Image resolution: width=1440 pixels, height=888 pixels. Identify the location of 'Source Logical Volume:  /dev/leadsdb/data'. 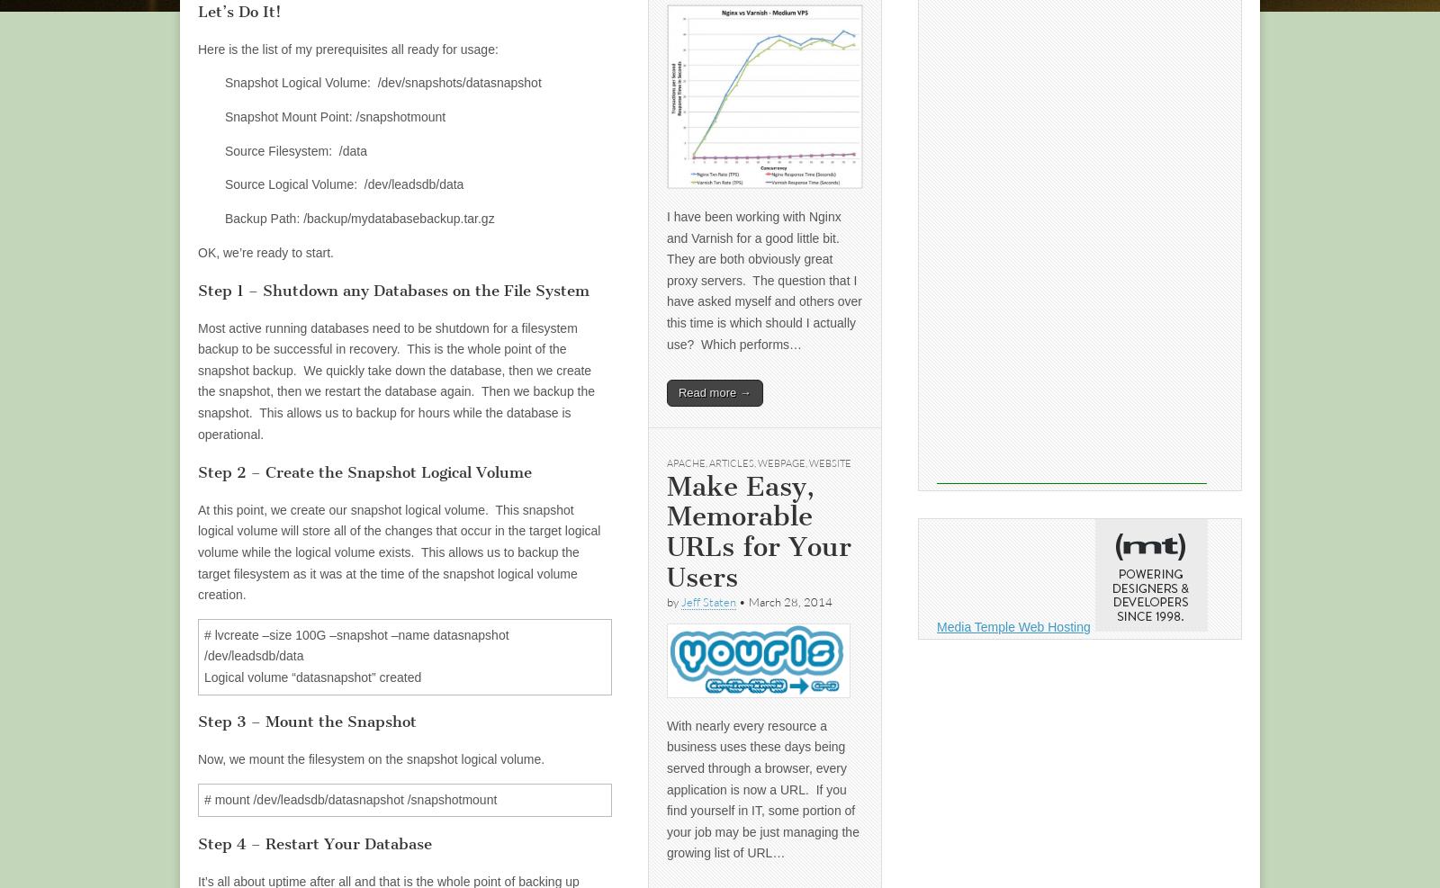
(344, 183).